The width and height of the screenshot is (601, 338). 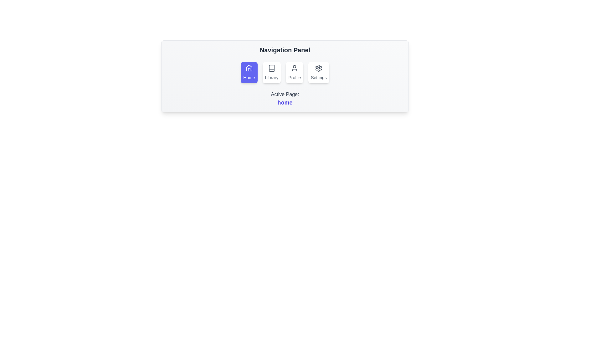 What do you see at coordinates (272, 72) in the screenshot?
I see `the 'Library' button, which is a vertically-aligned button with a book icon on top and gray text on a white background, positioned as the second button in a horizontal menu` at bounding box center [272, 72].